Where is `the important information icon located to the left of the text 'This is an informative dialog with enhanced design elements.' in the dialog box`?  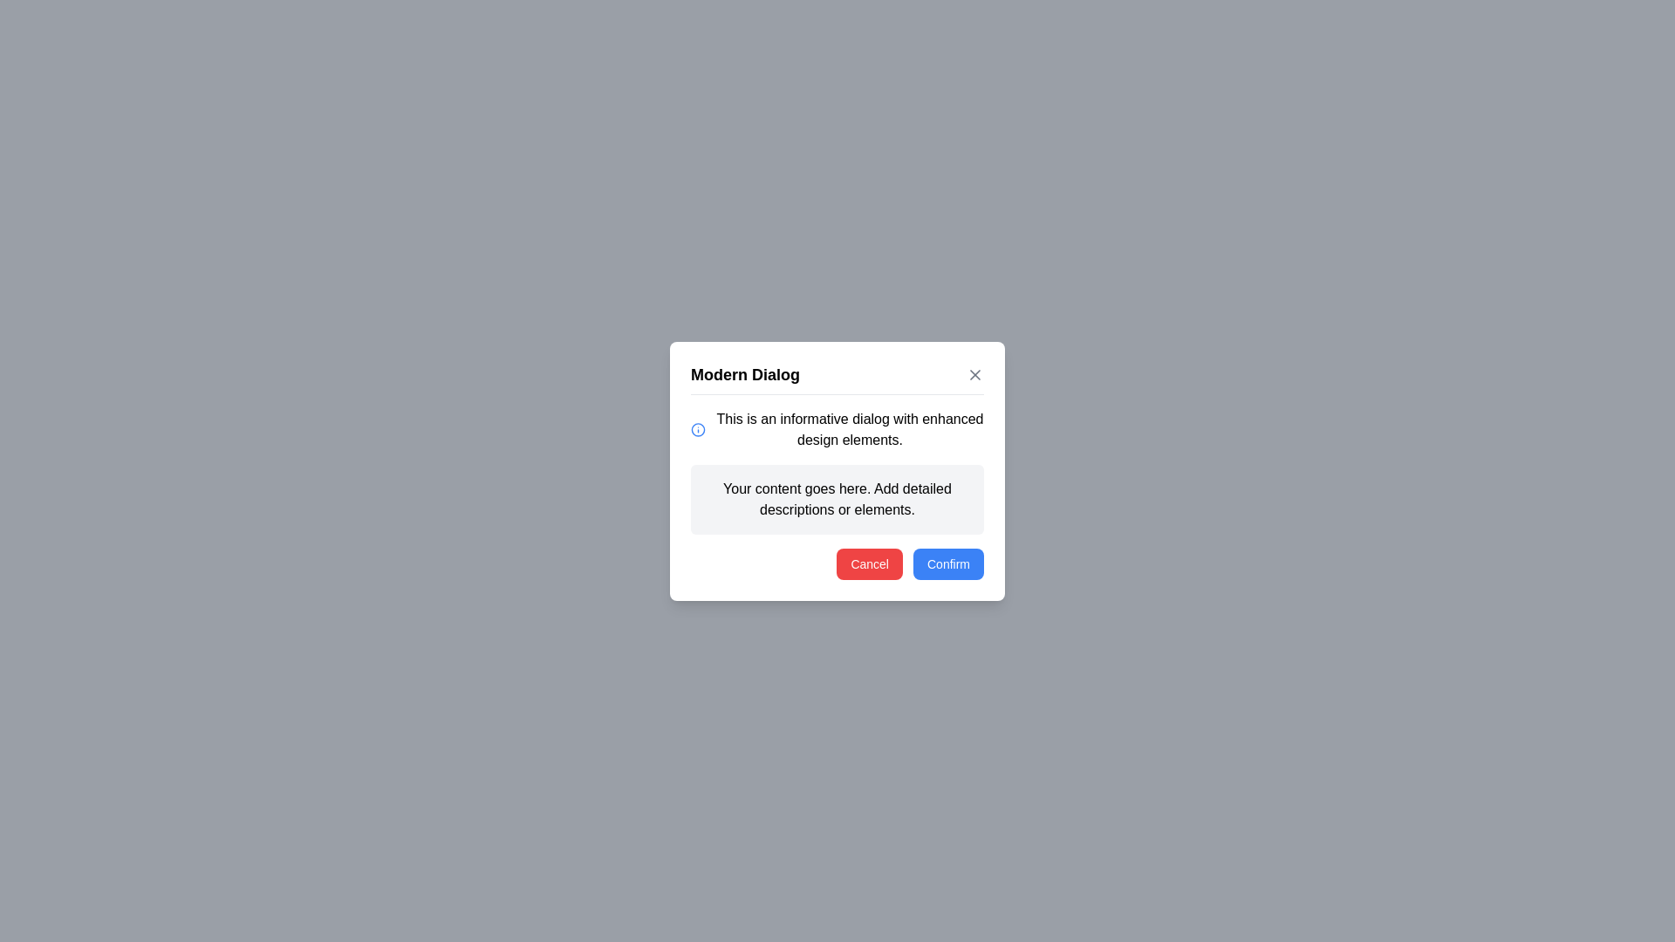 the important information icon located to the left of the text 'This is an informative dialog with enhanced design elements.' in the dialog box is located at coordinates (698, 429).